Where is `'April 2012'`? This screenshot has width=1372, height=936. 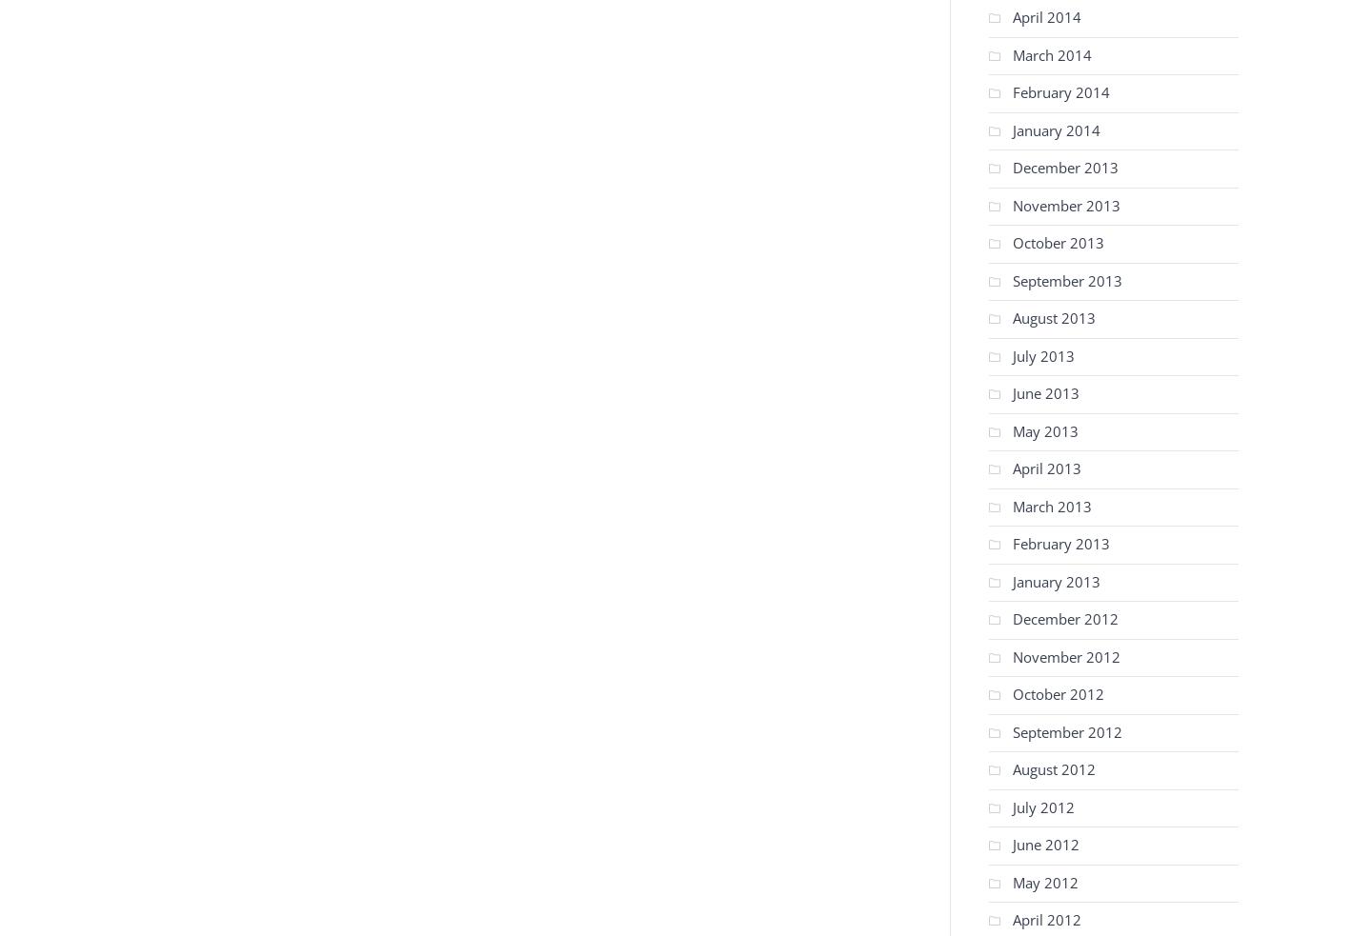 'April 2012' is located at coordinates (1013, 919).